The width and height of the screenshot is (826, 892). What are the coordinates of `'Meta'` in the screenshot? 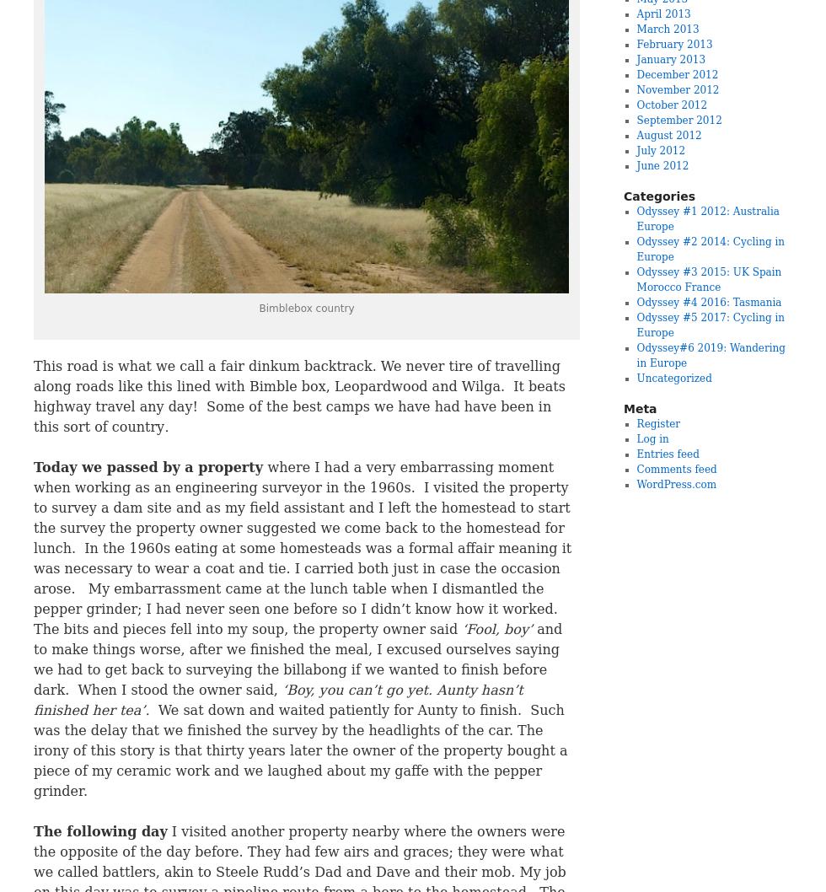 It's located at (640, 407).